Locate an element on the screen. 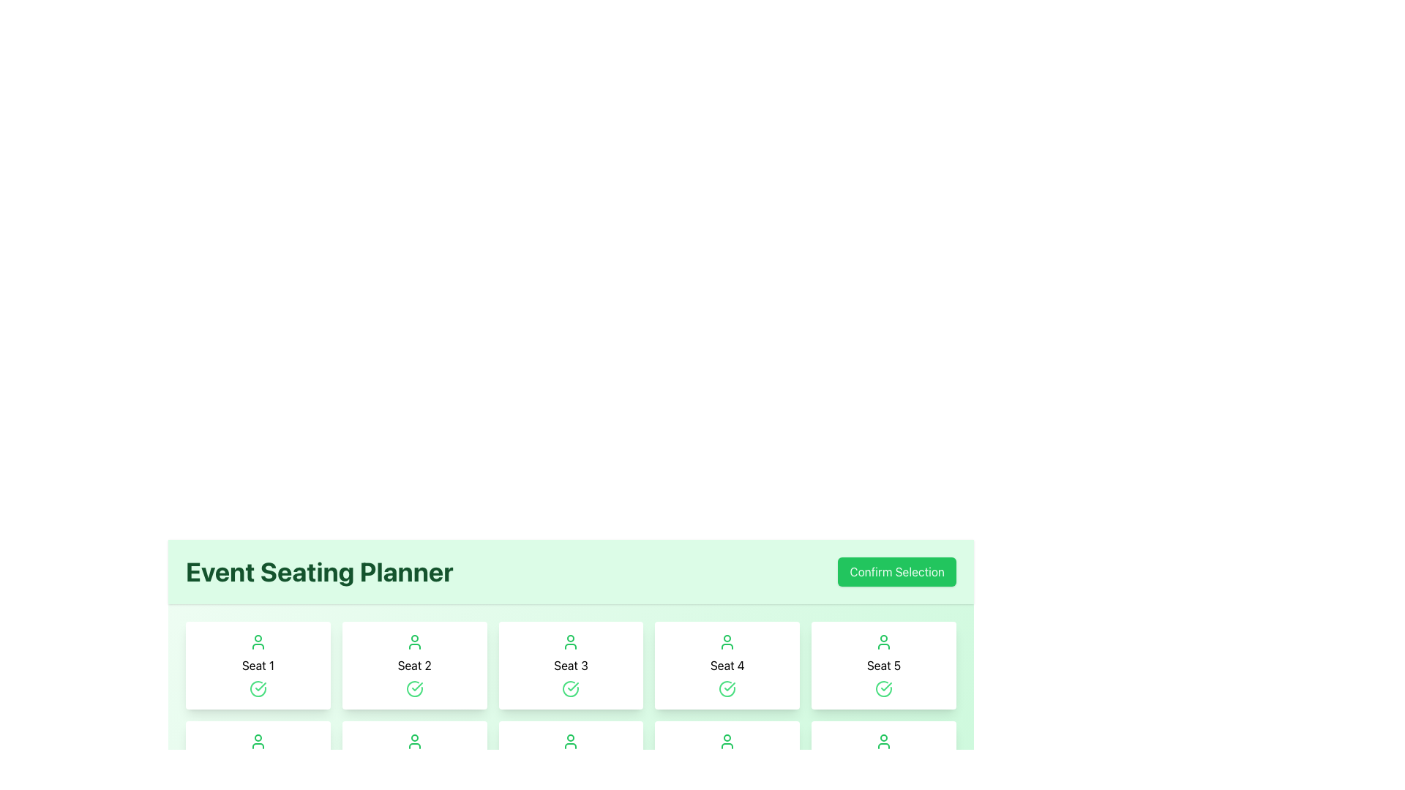 The height and width of the screenshot is (790, 1405). the green user icon located within the tile labeled 'Seat 8', which is centered horizontally and aligned towards the top of the tile is located at coordinates (570, 742).